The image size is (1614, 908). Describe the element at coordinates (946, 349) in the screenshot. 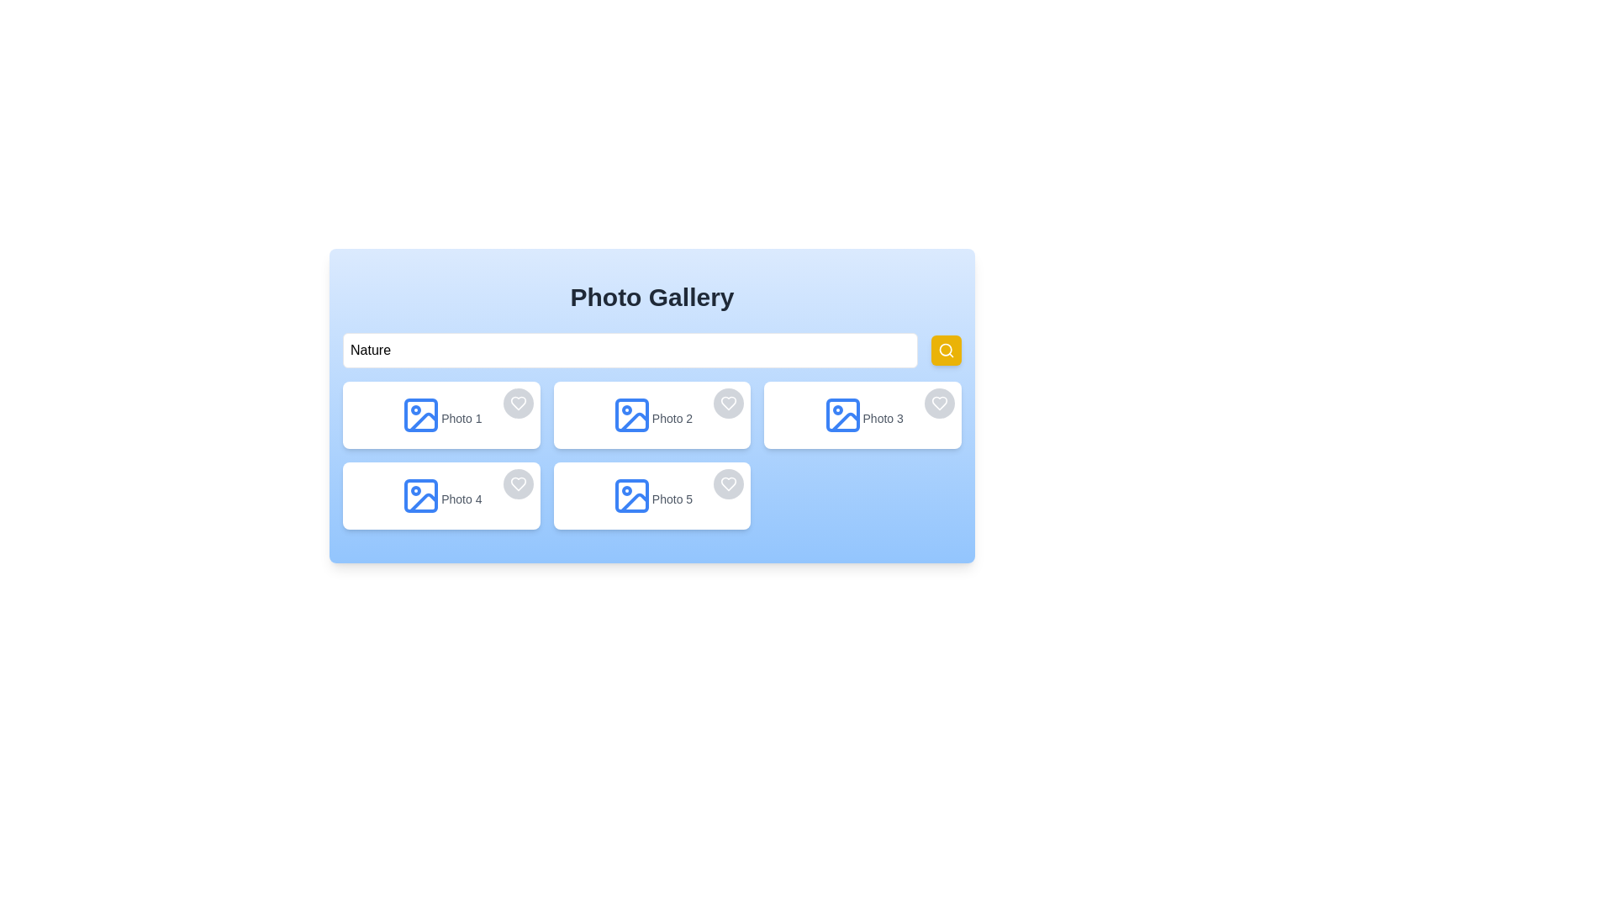

I see `the SVG circle element within the magnifying glass icon located at the top right of the application interface` at that location.